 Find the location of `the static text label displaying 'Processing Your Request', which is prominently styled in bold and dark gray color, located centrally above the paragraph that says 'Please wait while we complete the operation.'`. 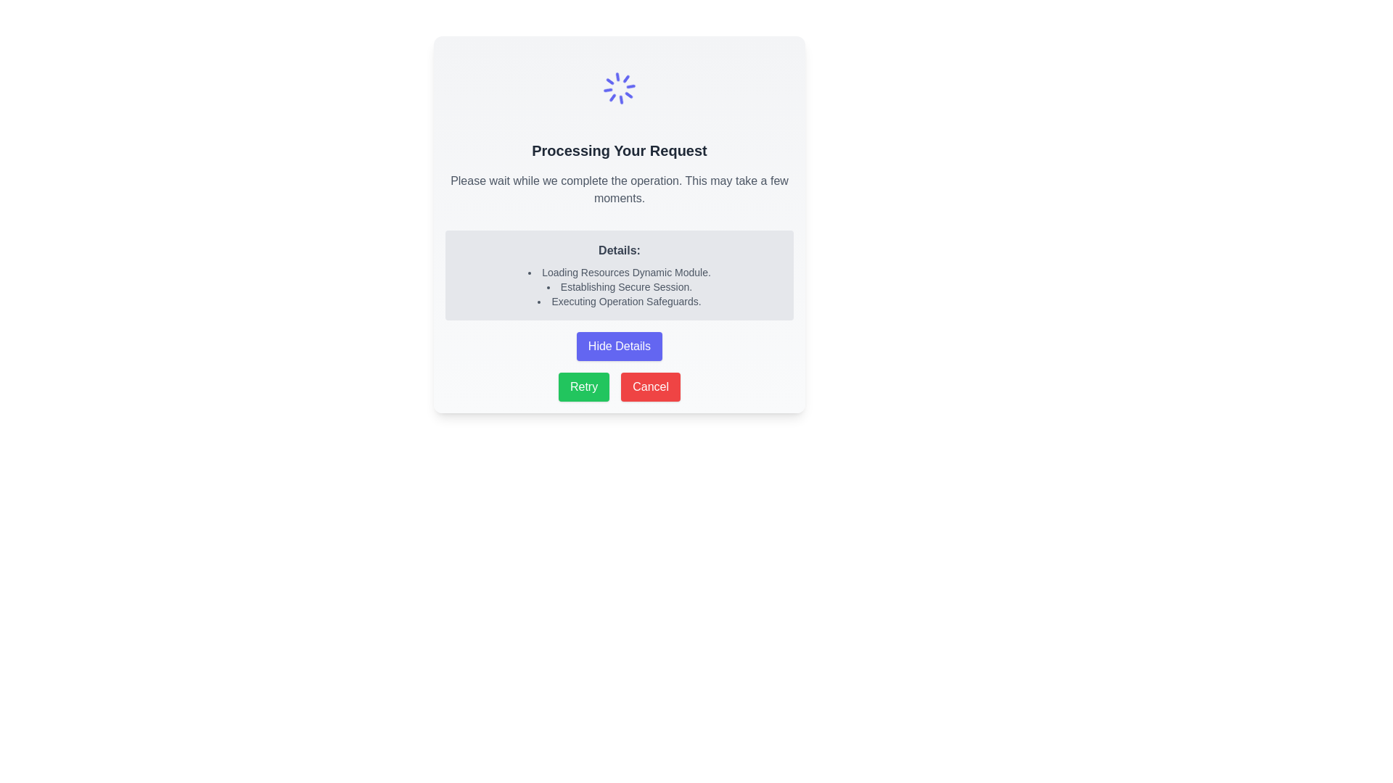

the static text label displaying 'Processing Your Request', which is prominently styled in bold and dark gray color, located centrally above the paragraph that says 'Please wait while we complete the operation.' is located at coordinates (620, 151).